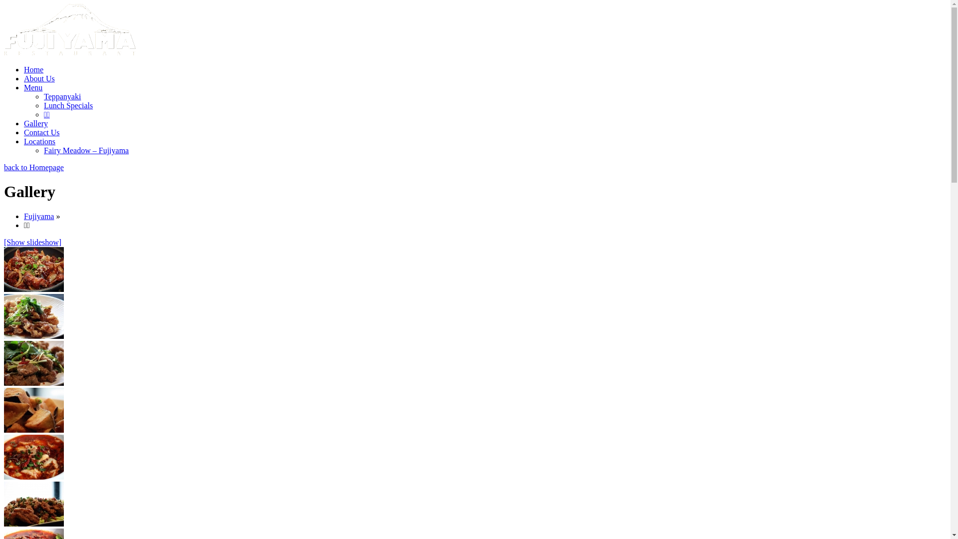 Image resolution: width=958 pixels, height=539 pixels. Describe the element at coordinates (33, 316) in the screenshot. I see `'Deep-Fried-Pork-with-Dark-Vinegar-Sauce'` at that location.